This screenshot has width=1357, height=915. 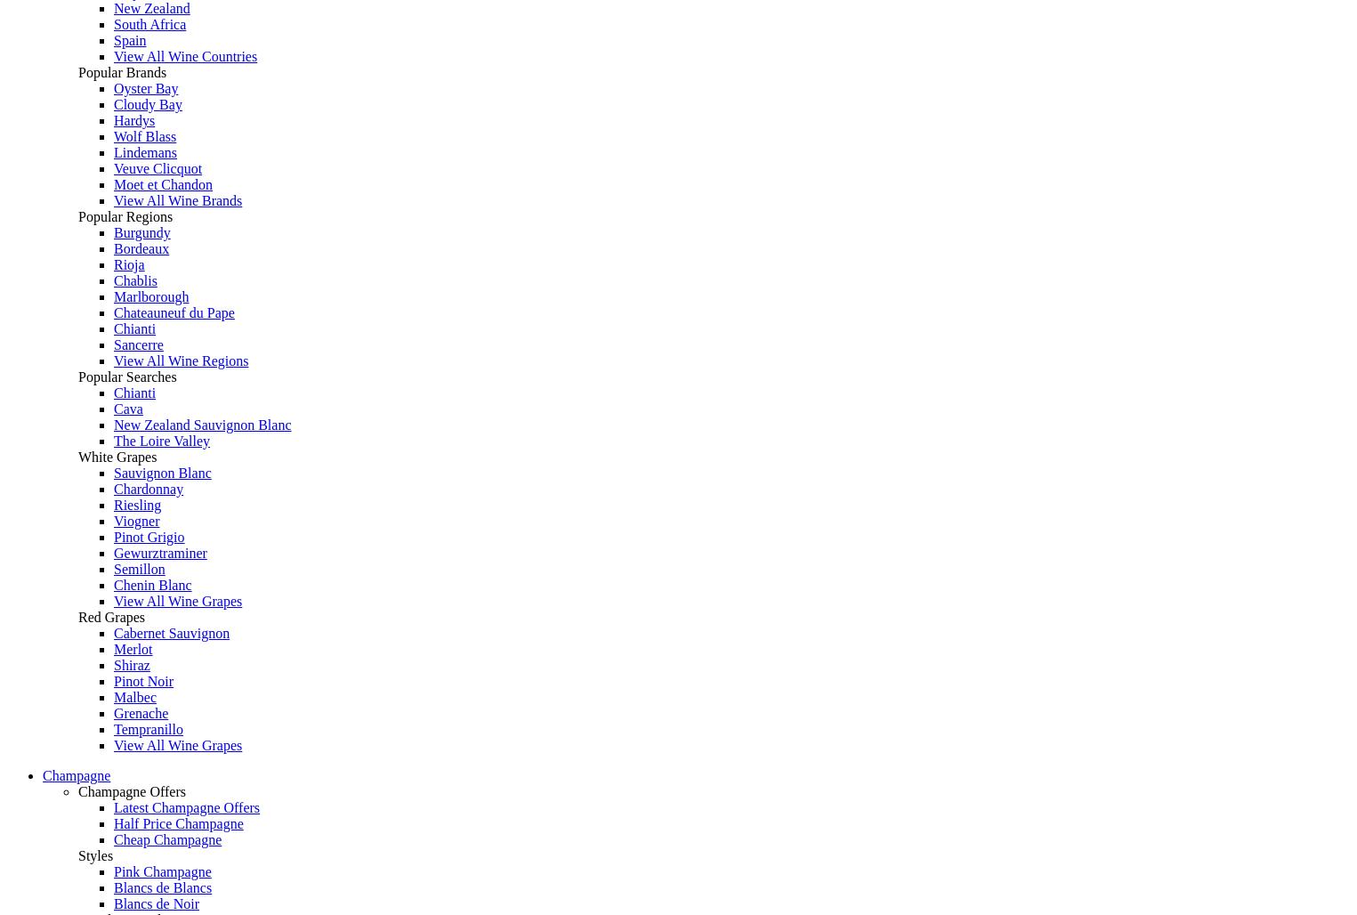 I want to click on 'Cheap Champagne', so click(x=167, y=839).